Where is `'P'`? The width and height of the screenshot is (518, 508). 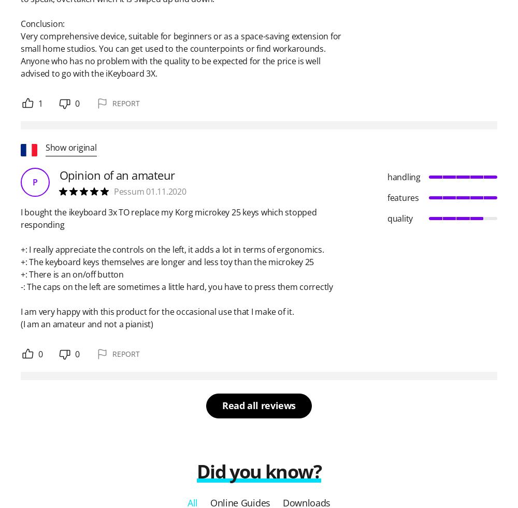 'P' is located at coordinates (34, 181).